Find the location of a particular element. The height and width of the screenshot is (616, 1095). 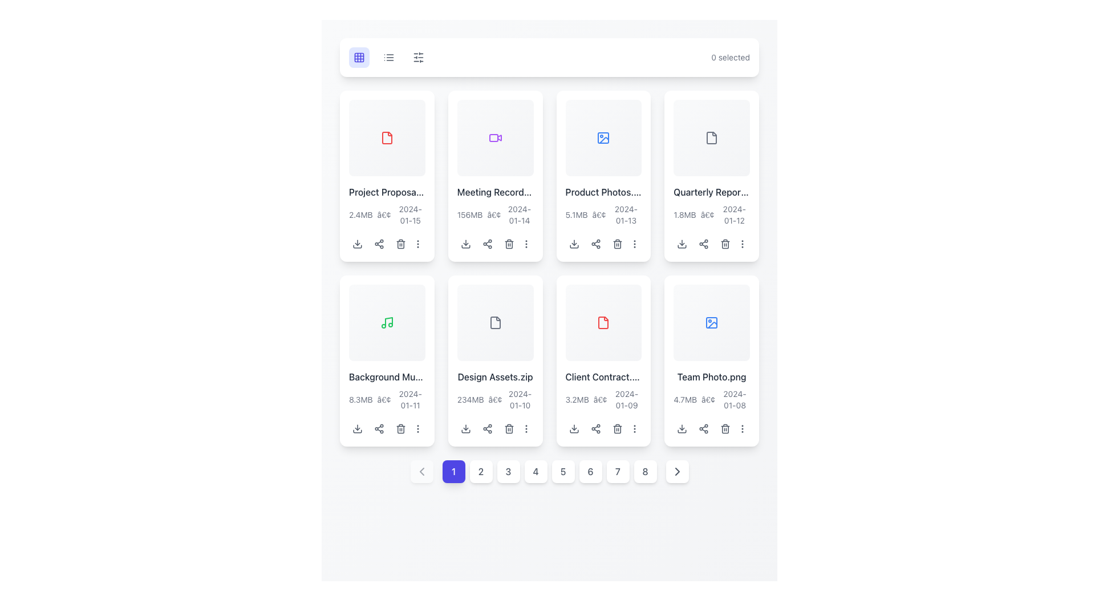

the button located in the top-right corner of the 'Product Photos.jpg' card, which provides additional options or settings related to the card's features is located at coordinates (634, 243).